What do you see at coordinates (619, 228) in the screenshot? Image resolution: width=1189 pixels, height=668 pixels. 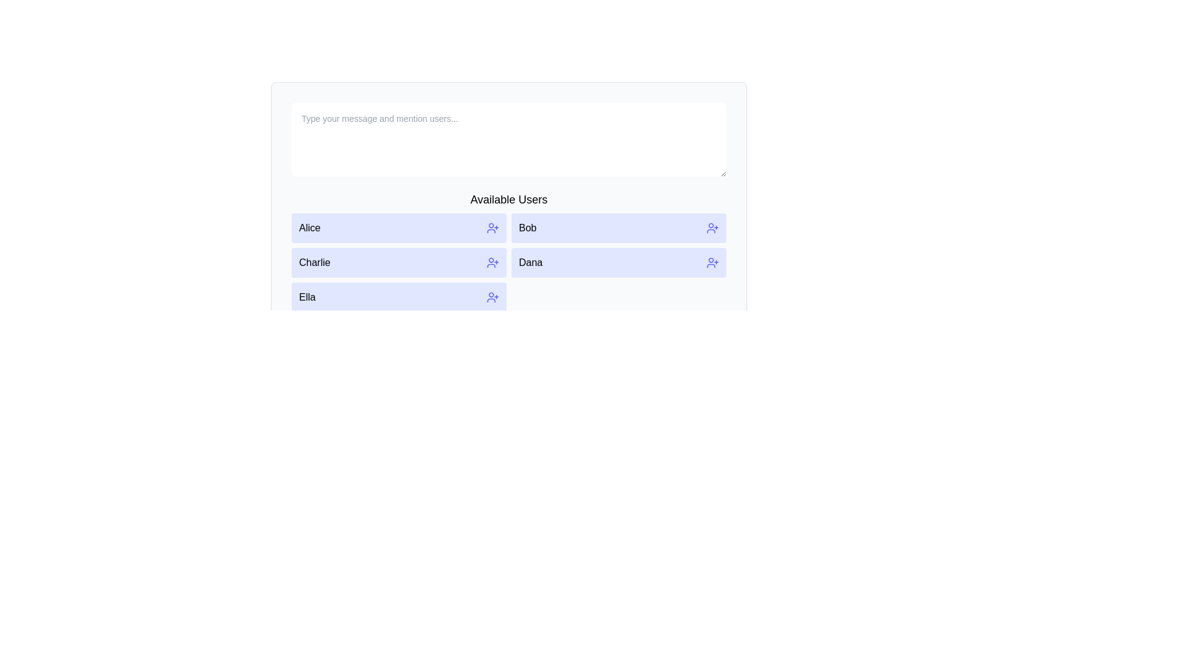 I see `the interactive card labeled 'Bob' with a user icon and a plus sign` at bounding box center [619, 228].